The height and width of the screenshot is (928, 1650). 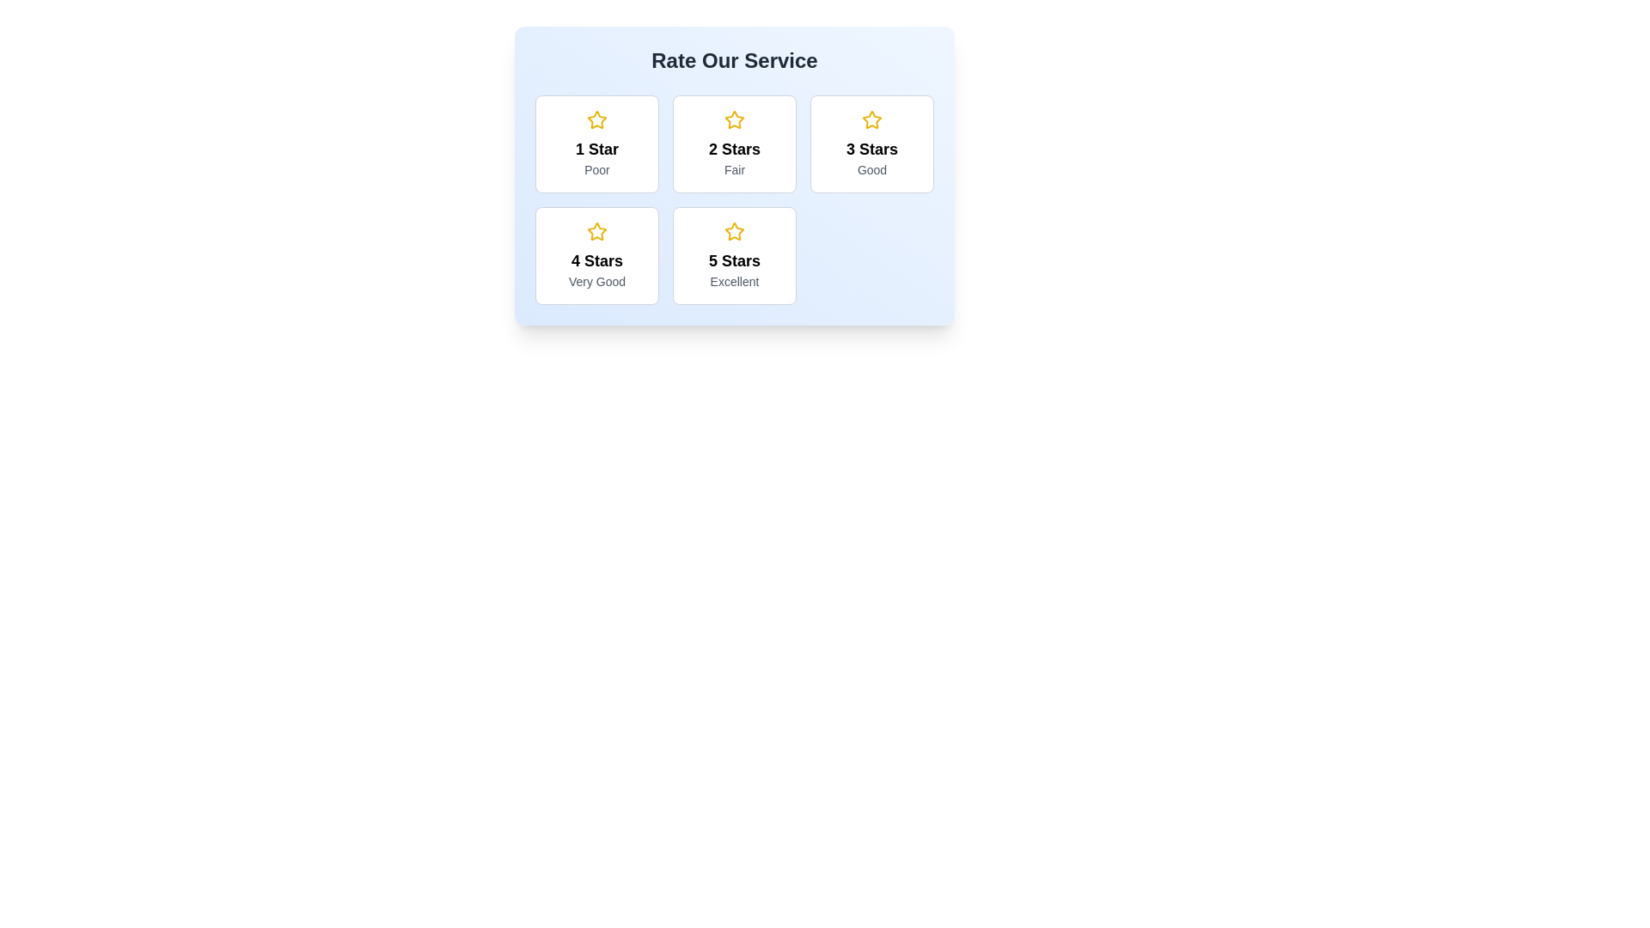 I want to click on the yellow star icon with a hollow interior, so click(x=597, y=230).